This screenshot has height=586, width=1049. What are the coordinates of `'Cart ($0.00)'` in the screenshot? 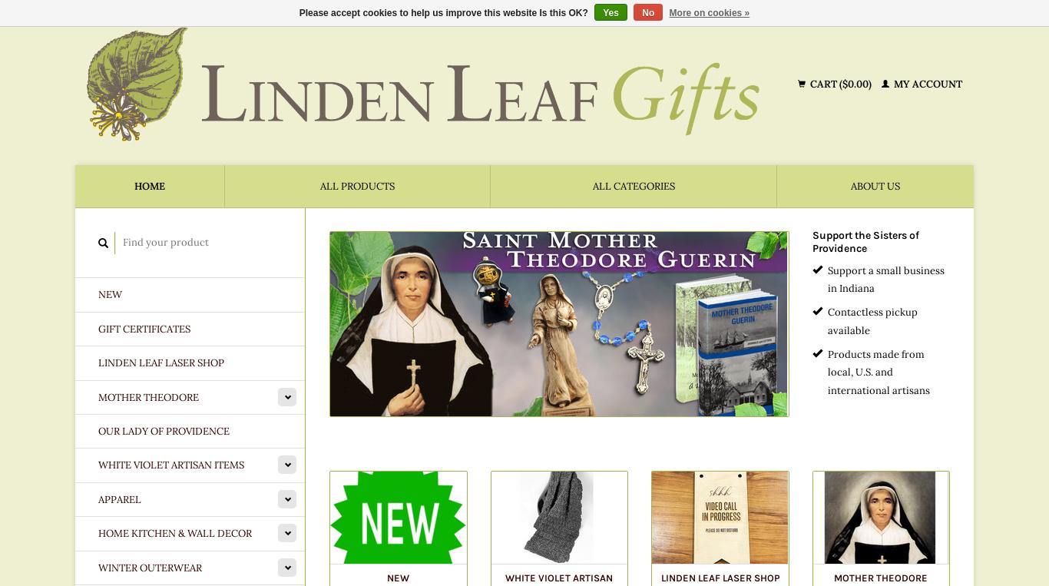 It's located at (839, 84).